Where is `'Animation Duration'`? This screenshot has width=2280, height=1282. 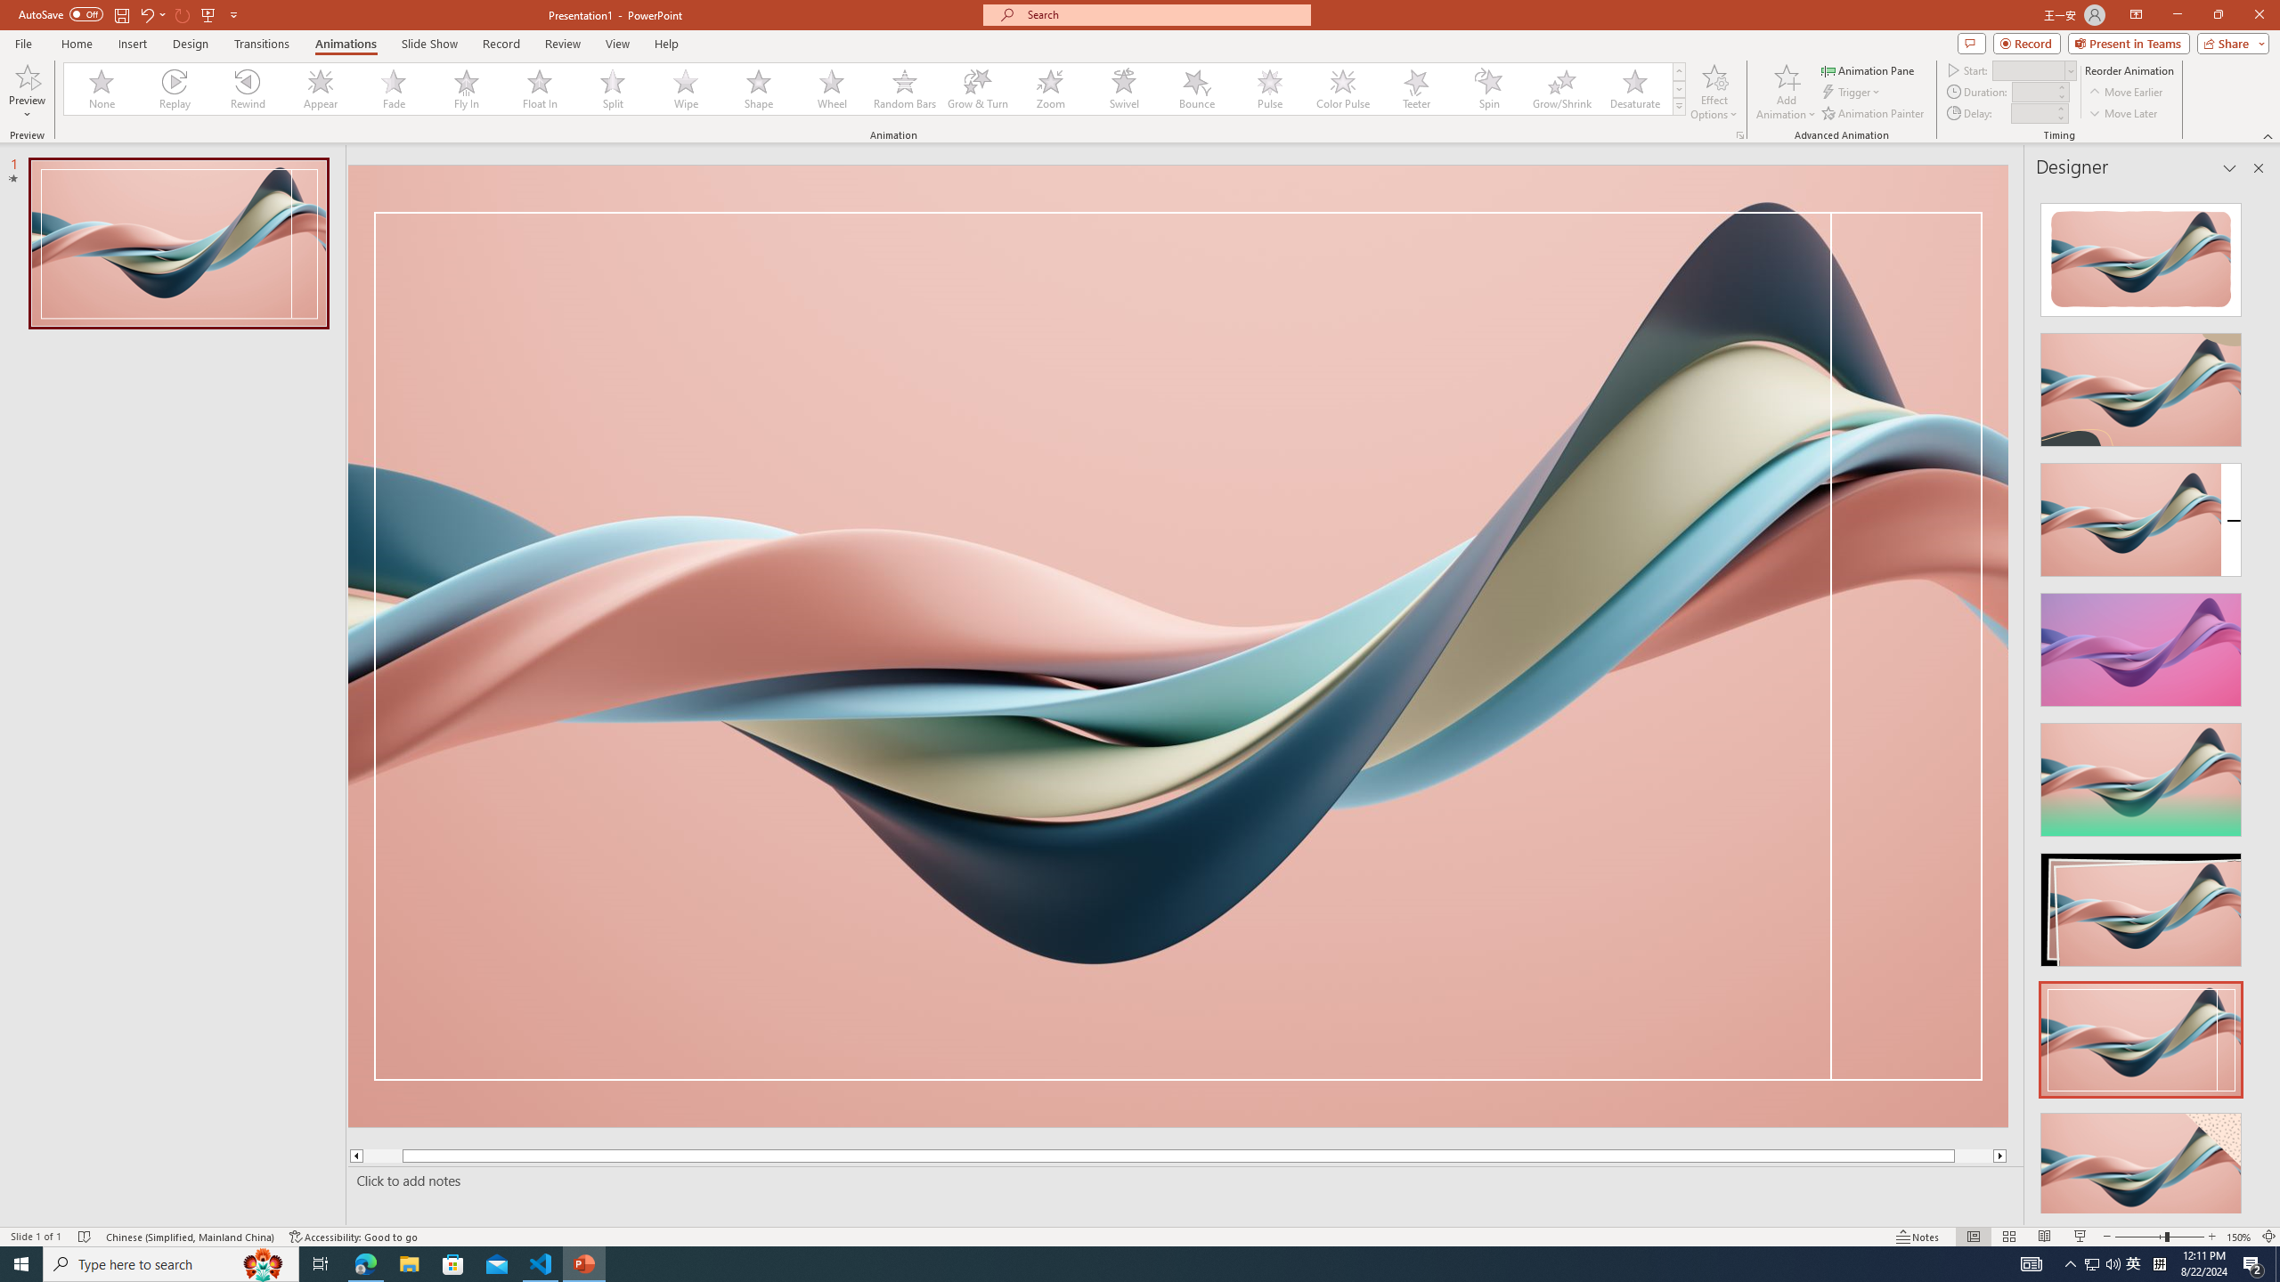
'Animation Duration' is located at coordinates (2032, 91).